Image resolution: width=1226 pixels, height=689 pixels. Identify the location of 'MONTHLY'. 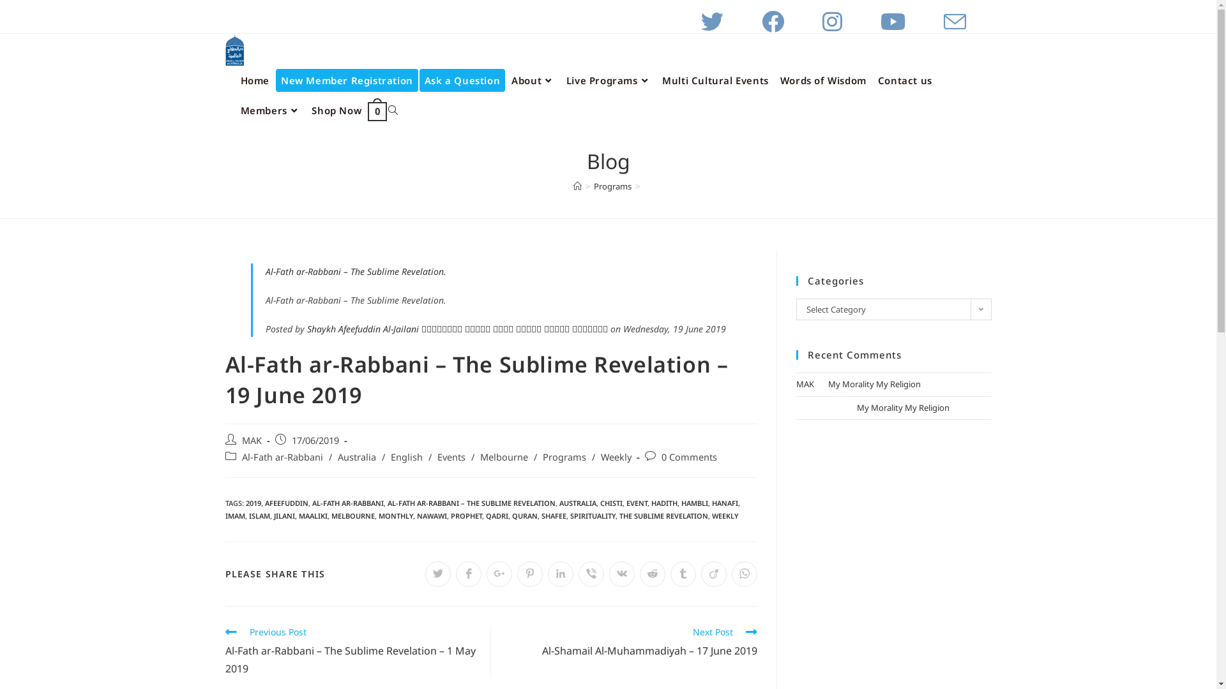
(377, 515).